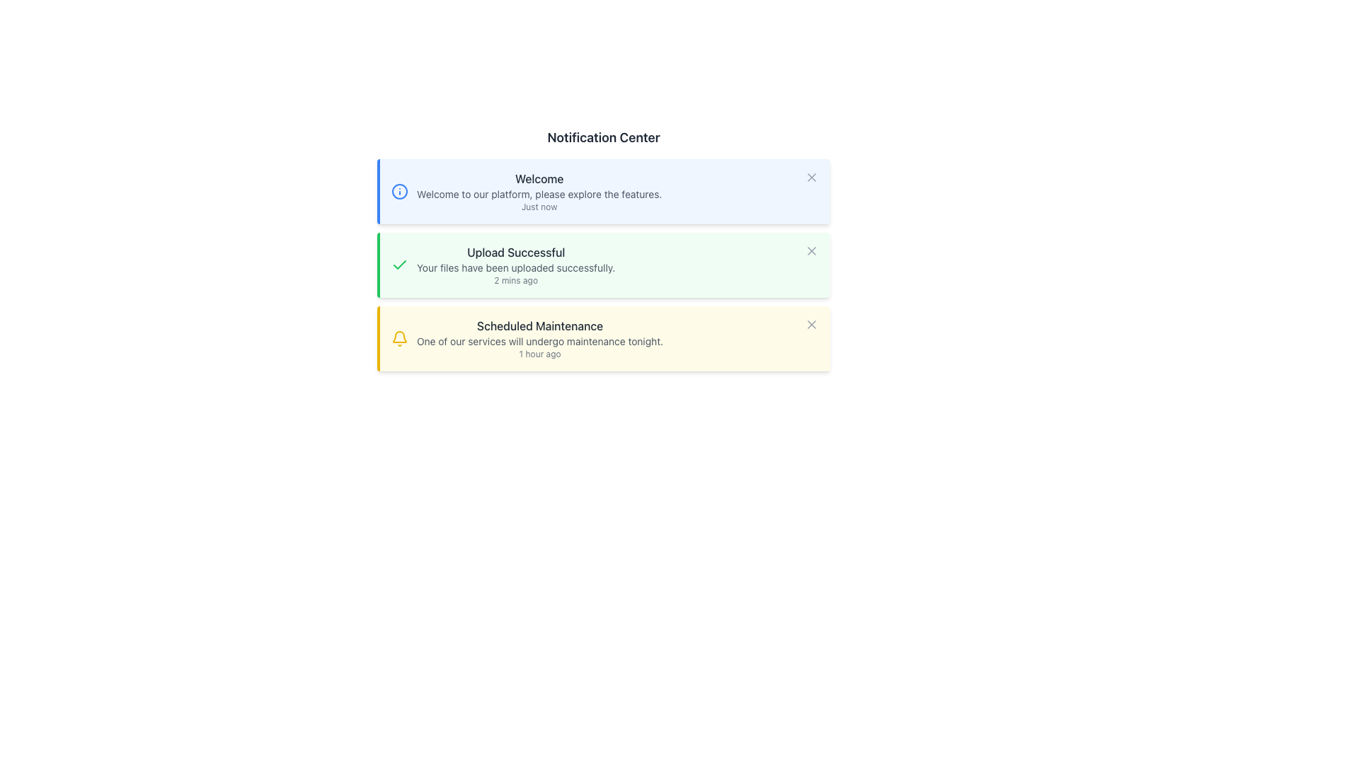 The height and width of the screenshot is (764, 1359). Describe the element at coordinates (812, 250) in the screenshot. I see `the circular dismiss button with a cross (X) inside it, located at the top-right corner of the 'Upload Successful' notification box` at that location.